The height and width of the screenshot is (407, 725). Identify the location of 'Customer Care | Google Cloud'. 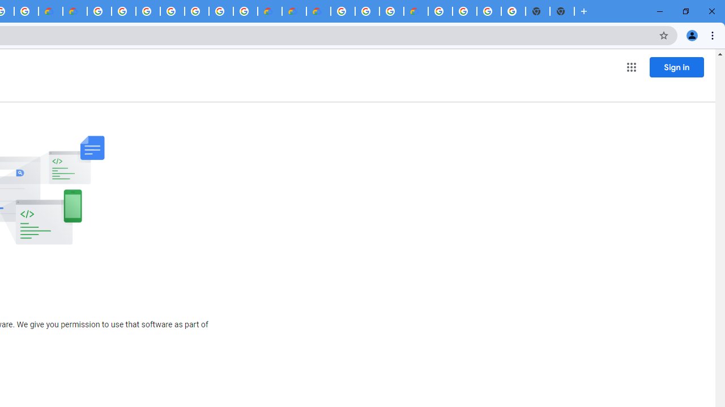
(50, 11).